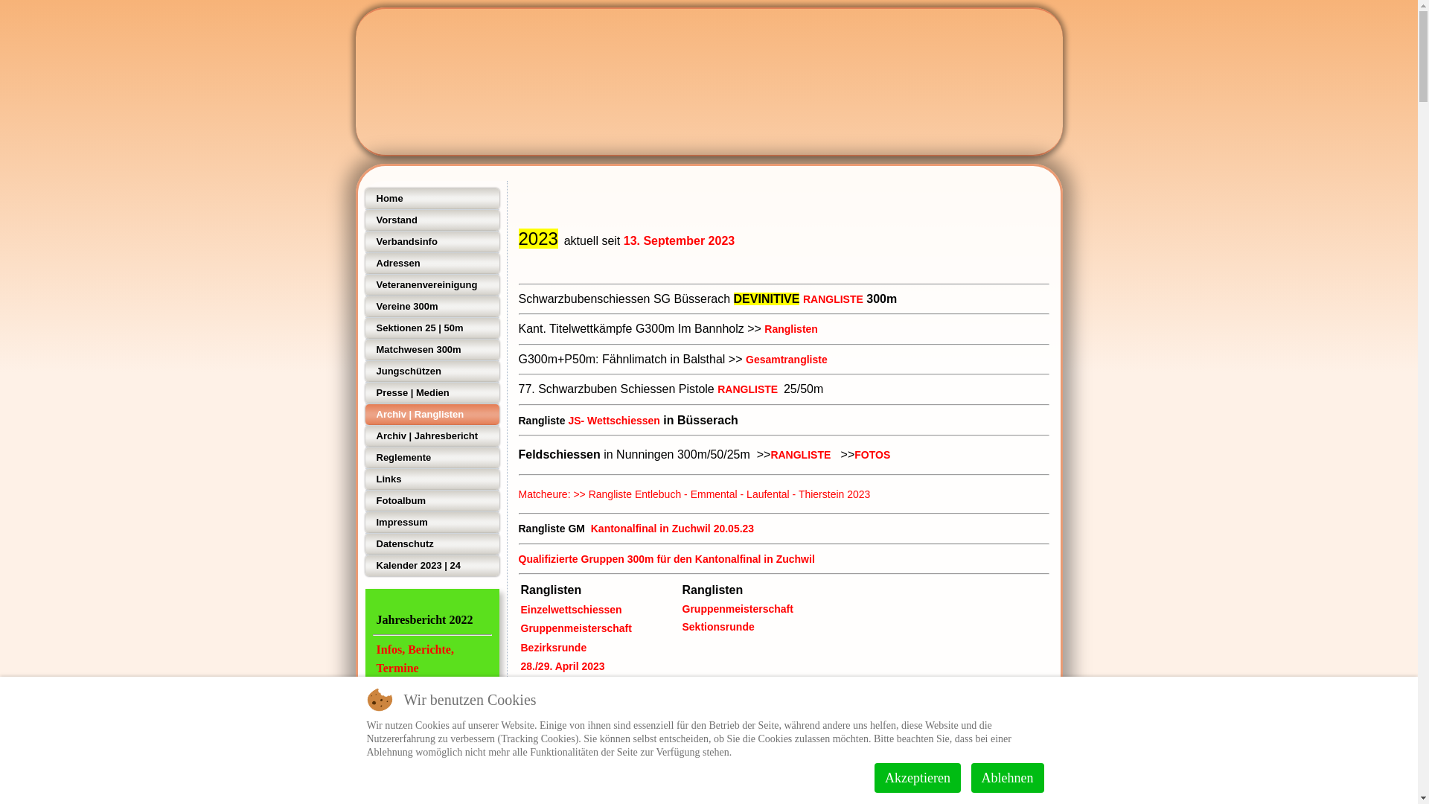 This screenshot has height=804, width=1429. I want to click on 'Veteranenvereinigung', so click(364, 284).